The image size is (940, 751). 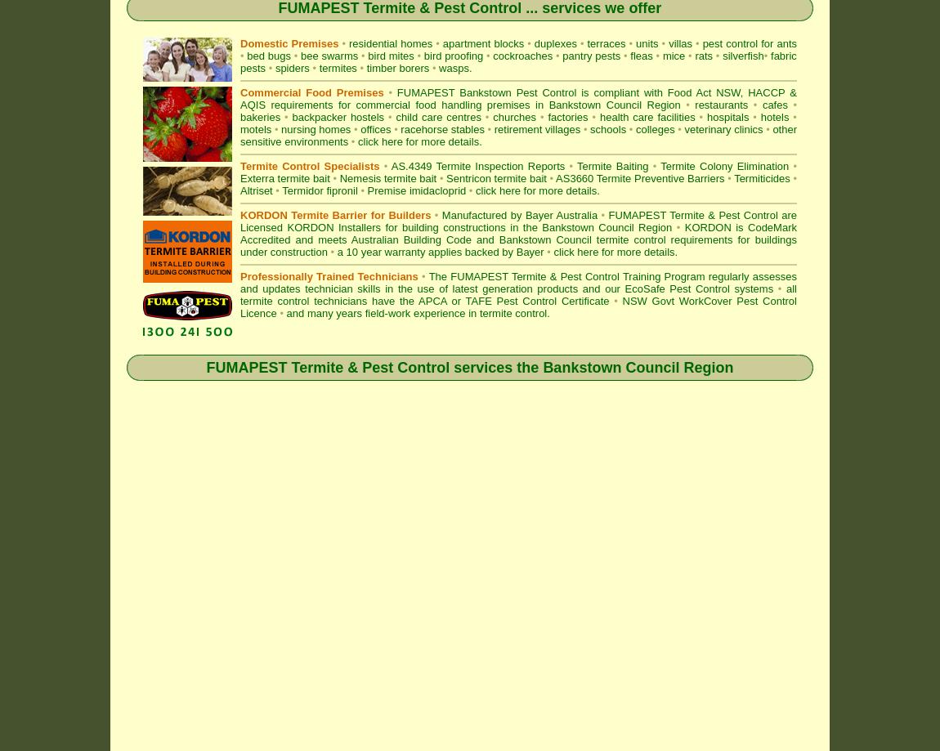 What do you see at coordinates (471, 104) in the screenshot?
I see `'food handling premises'` at bounding box center [471, 104].